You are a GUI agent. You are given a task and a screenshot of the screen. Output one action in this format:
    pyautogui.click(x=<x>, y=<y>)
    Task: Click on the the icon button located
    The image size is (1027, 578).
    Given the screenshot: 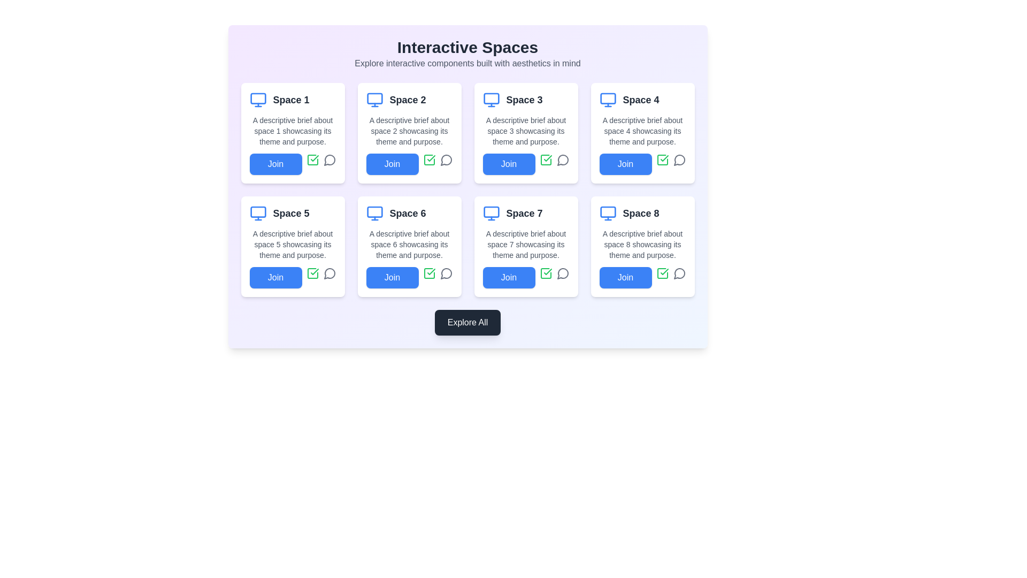 What is the action you would take?
    pyautogui.click(x=429, y=160)
    